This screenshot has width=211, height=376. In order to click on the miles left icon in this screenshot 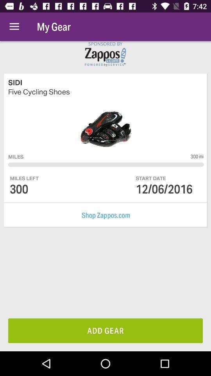, I will do `click(24, 178)`.